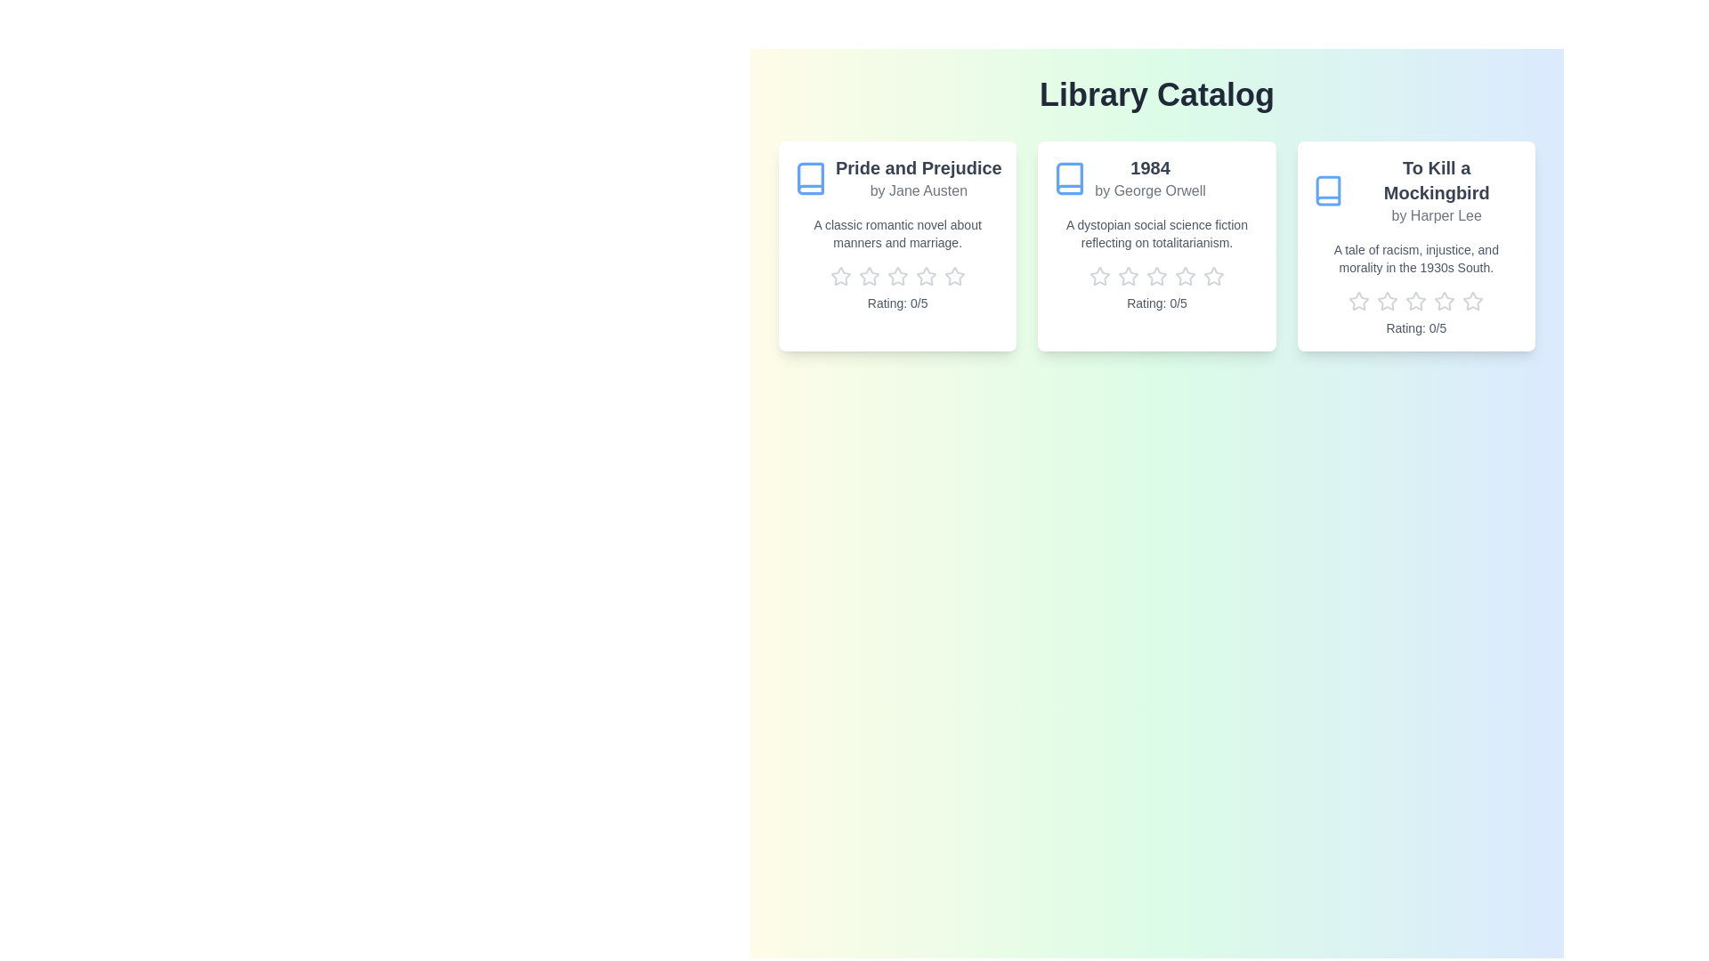 The width and height of the screenshot is (1709, 961). I want to click on the rating of the book 'To Kill a Mockingbird' to 5 stars by clicking the corresponding star, so click(1473, 301).